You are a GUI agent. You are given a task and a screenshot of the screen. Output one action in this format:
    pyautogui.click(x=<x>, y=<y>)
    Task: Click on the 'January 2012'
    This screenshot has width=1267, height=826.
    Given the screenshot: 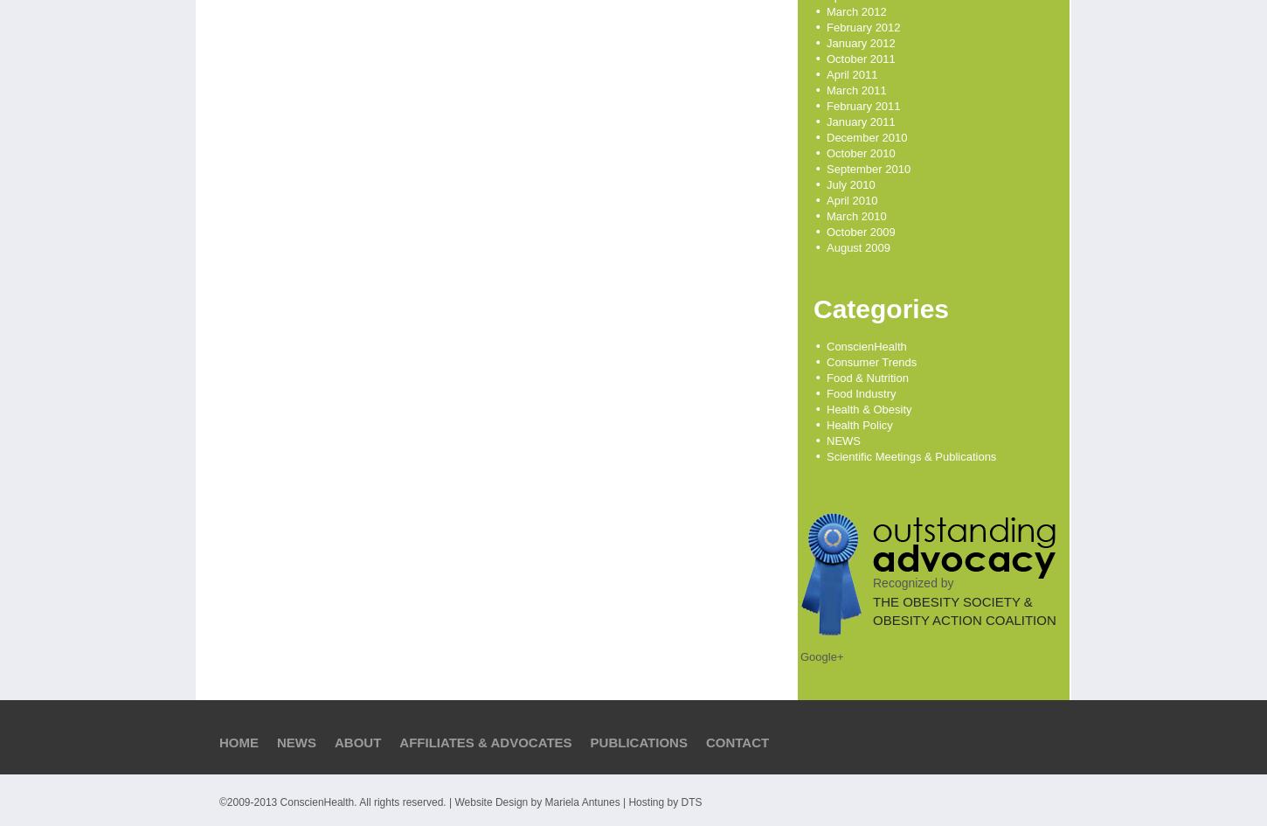 What is the action you would take?
    pyautogui.click(x=860, y=43)
    